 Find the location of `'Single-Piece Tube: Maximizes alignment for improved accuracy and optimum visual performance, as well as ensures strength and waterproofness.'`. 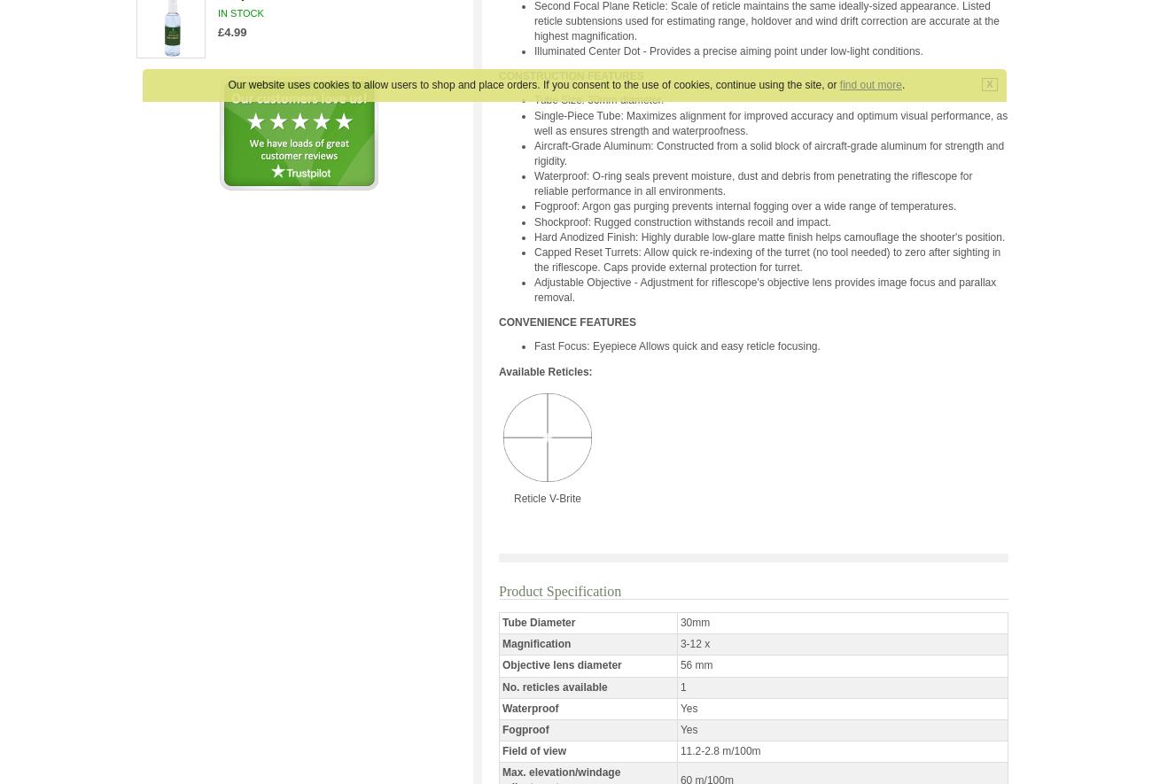

'Single-Piece Tube: Maximizes alignment for improved accuracy and optimum visual performance, as well as ensures strength and waterproofness.' is located at coordinates (769, 121).